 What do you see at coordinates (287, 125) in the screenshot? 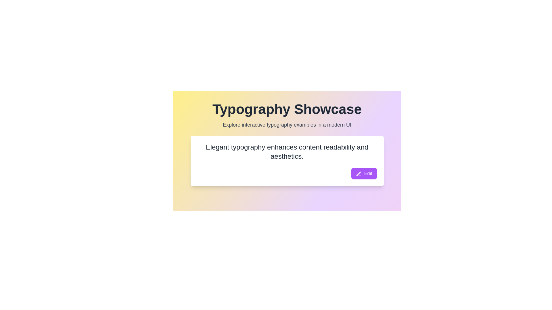
I see `the text display that shows 'Explore interactive typography examples in a modern UI', which is positioned beneath the title 'Typography Showcase' and is horizontally centered with a gray color on a gradient background` at bounding box center [287, 125].